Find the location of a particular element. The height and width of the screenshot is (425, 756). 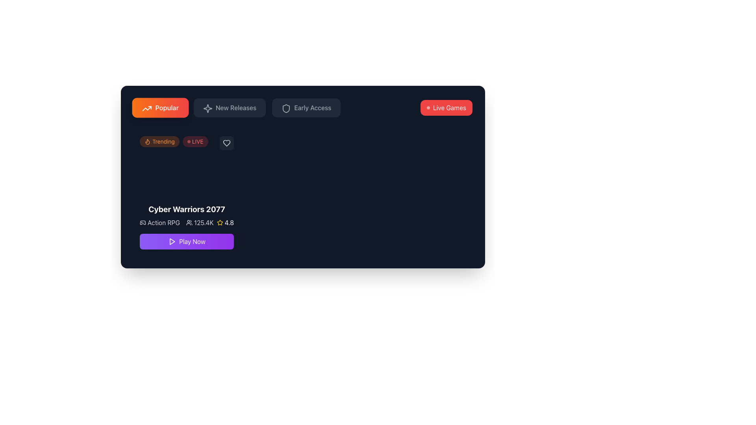

the 'New Releases' button, which is the second button from the left in the upper part of the interface is located at coordinates (229, 107).